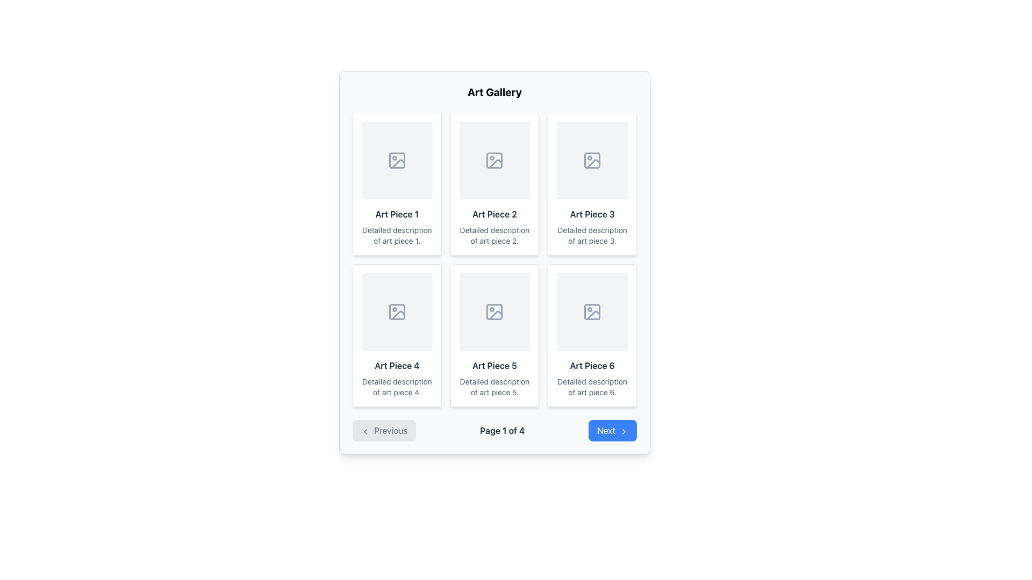 The height and width of the screenshot is (580, 1032). Describe the element at coordinates (384, 430) in the screenshot. I see `the 'Previous' button located at the bottom-left corner of the interface` at that location.